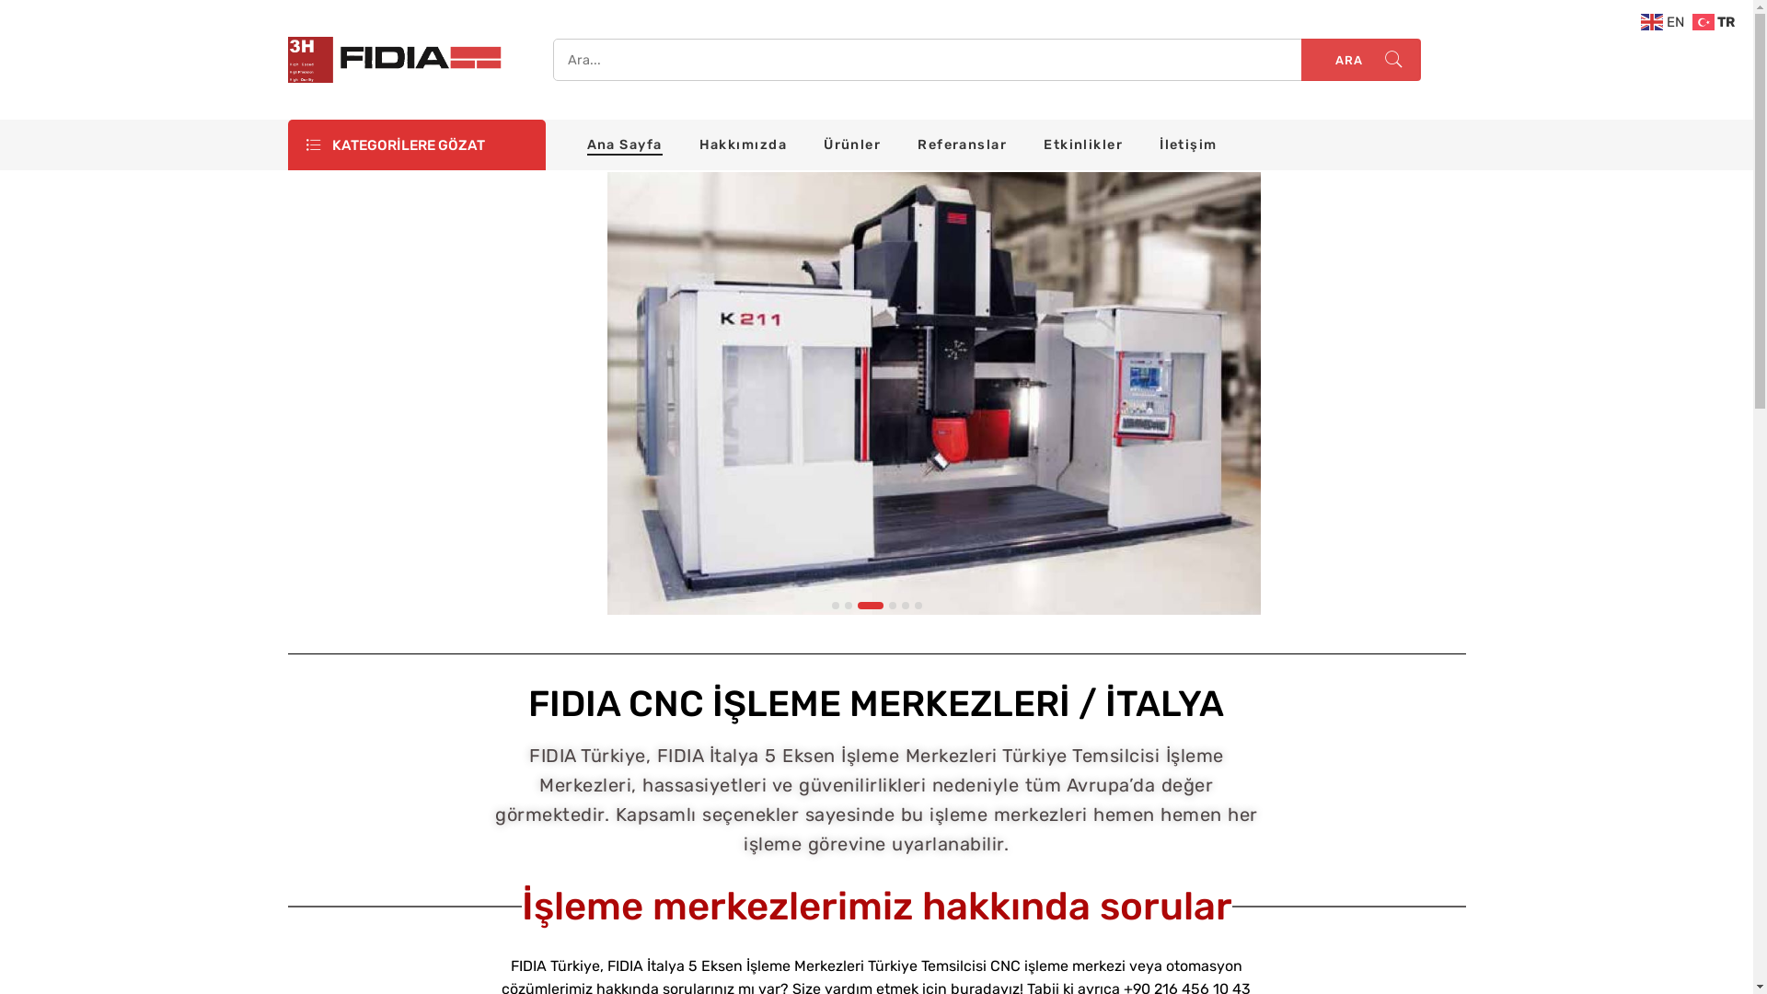 The width and height of the screenshot is (1767, 994). I want to click on 'Referanslar', so click(961, 144).